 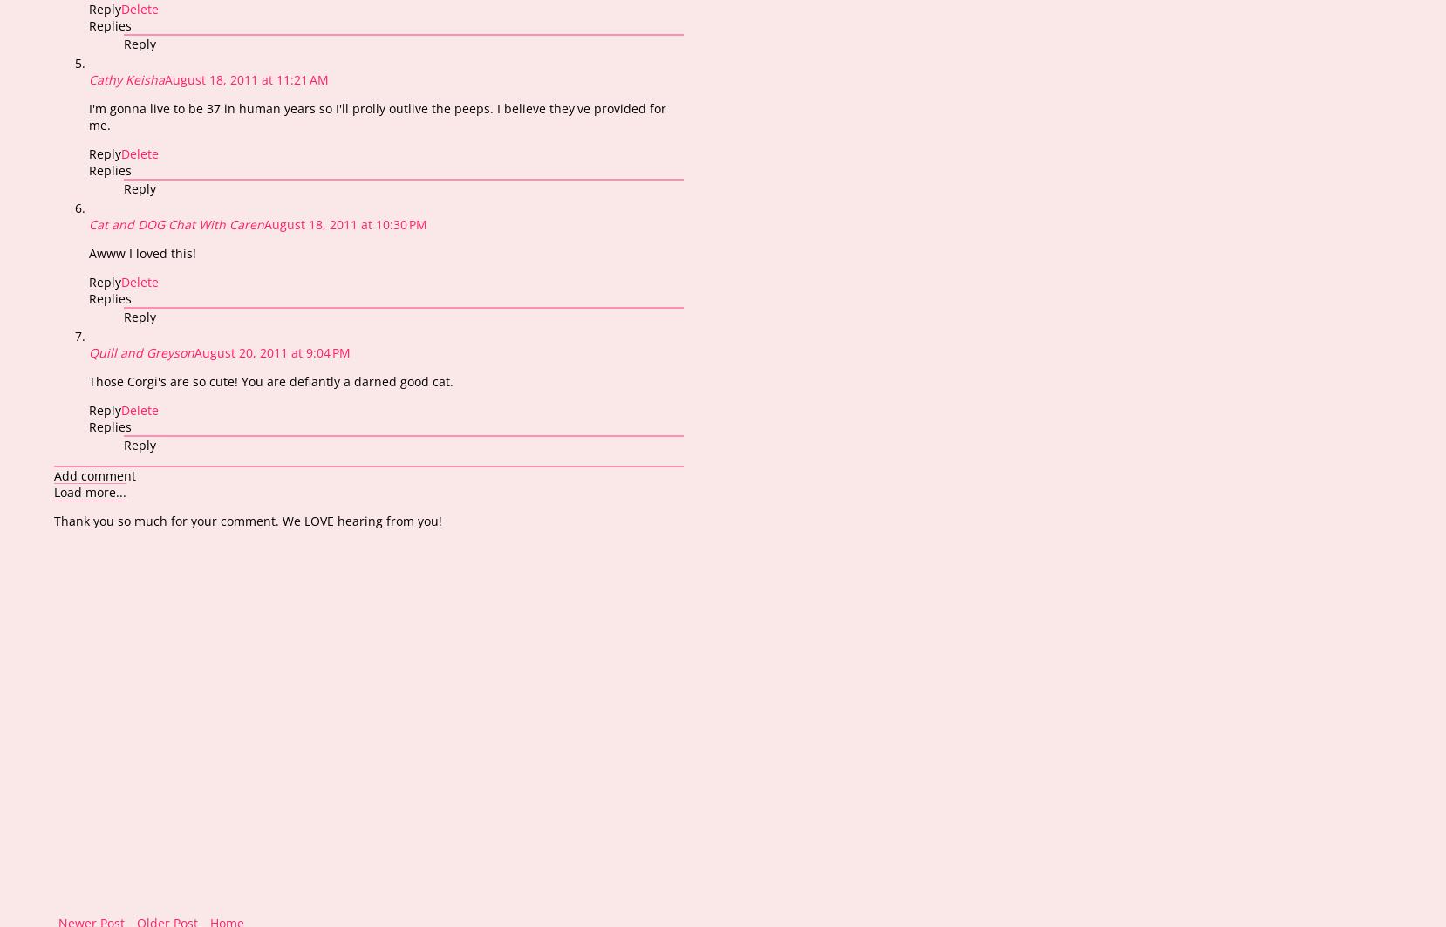 I want to click on 'Quill and Greyson', so click(x=141, y=351).